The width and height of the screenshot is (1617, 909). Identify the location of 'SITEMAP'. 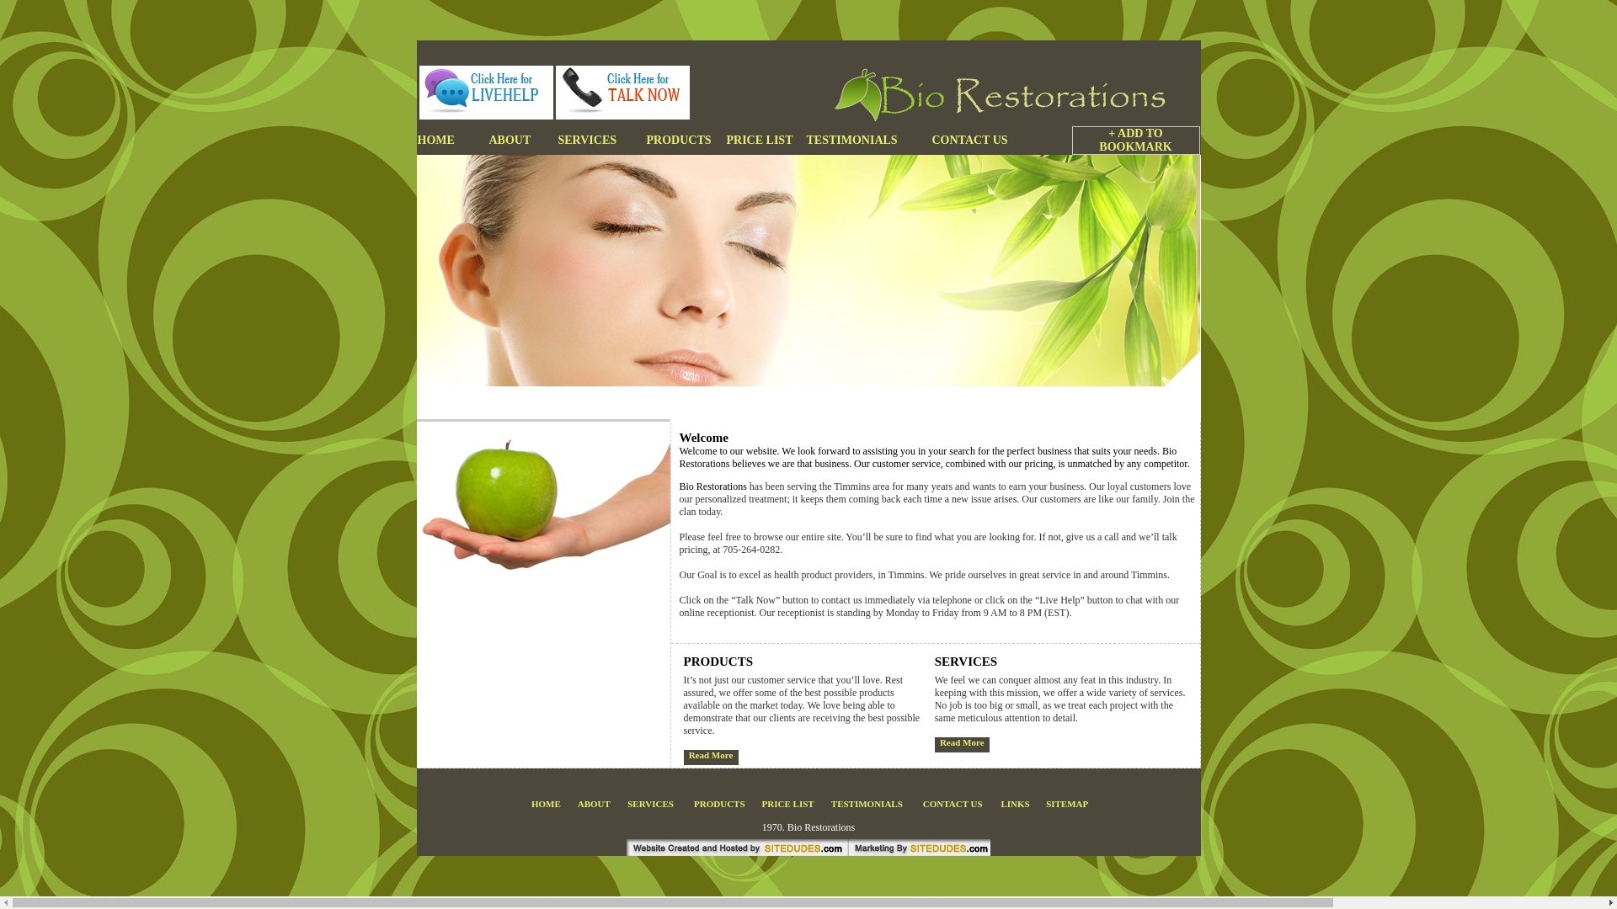
(1066, 803).